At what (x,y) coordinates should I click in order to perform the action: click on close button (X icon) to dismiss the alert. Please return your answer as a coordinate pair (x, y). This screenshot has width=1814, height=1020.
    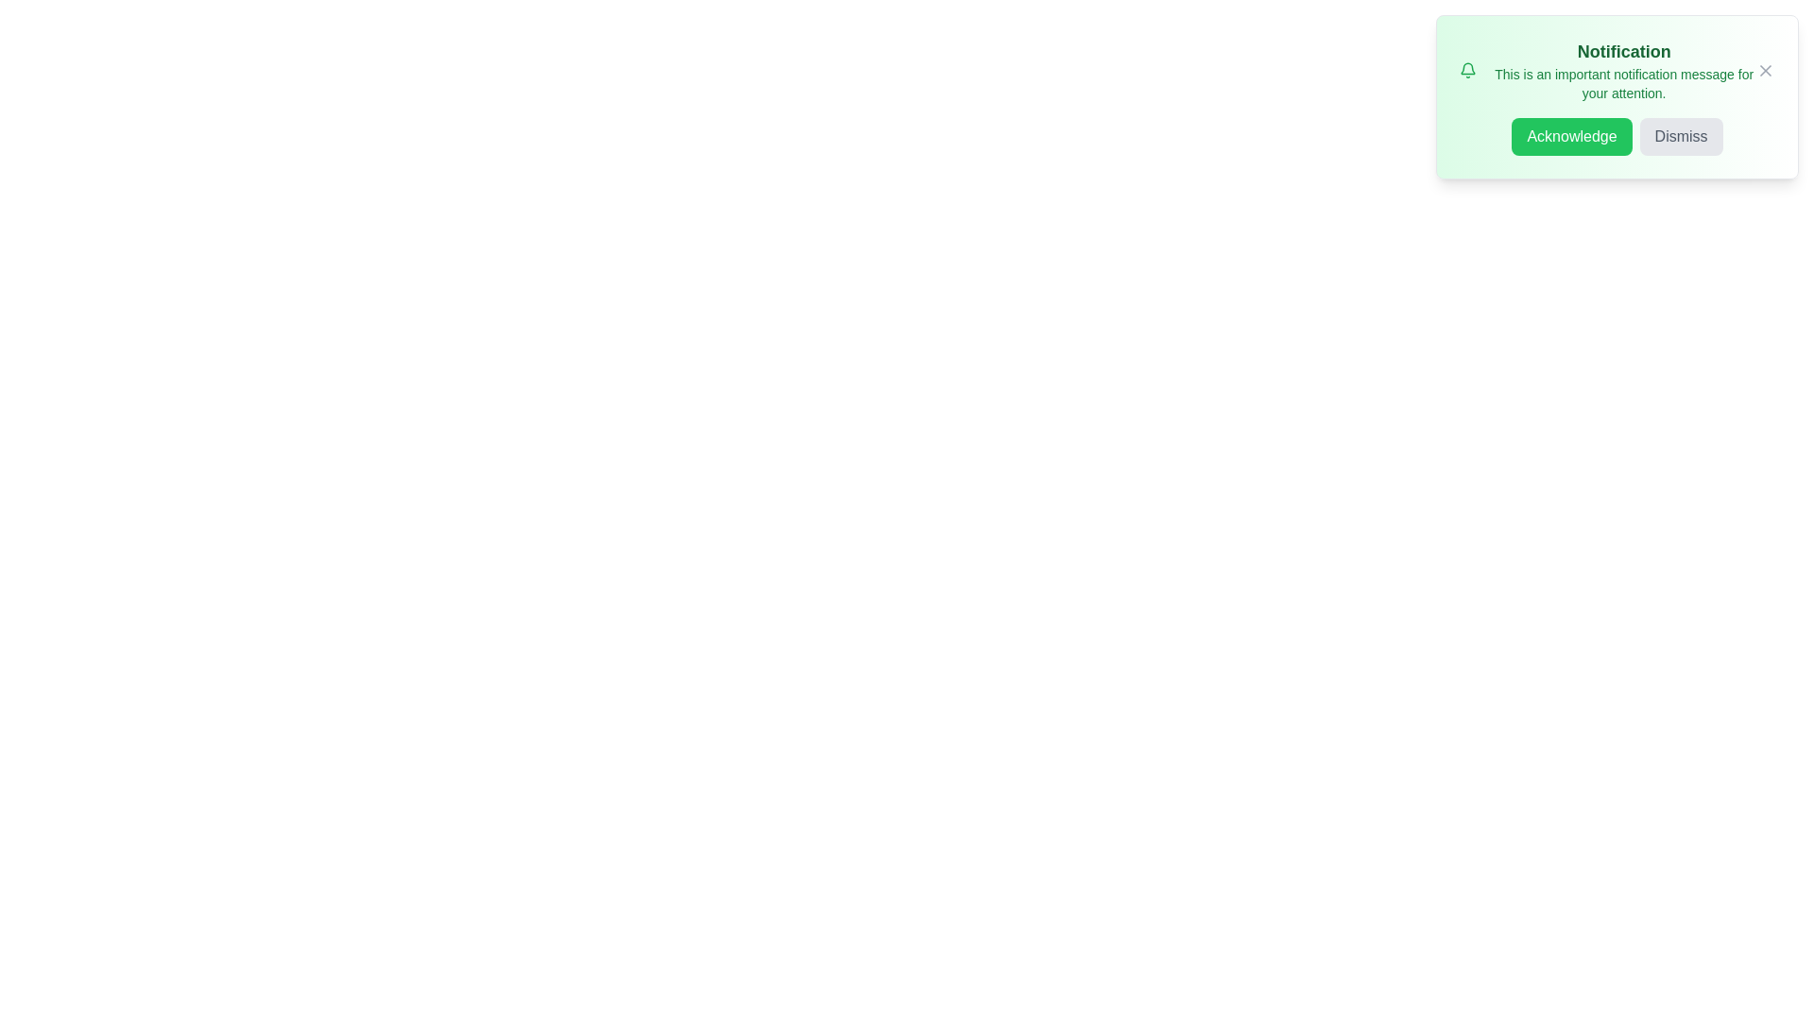
    Looking at the image, I should click on (1764, 69).